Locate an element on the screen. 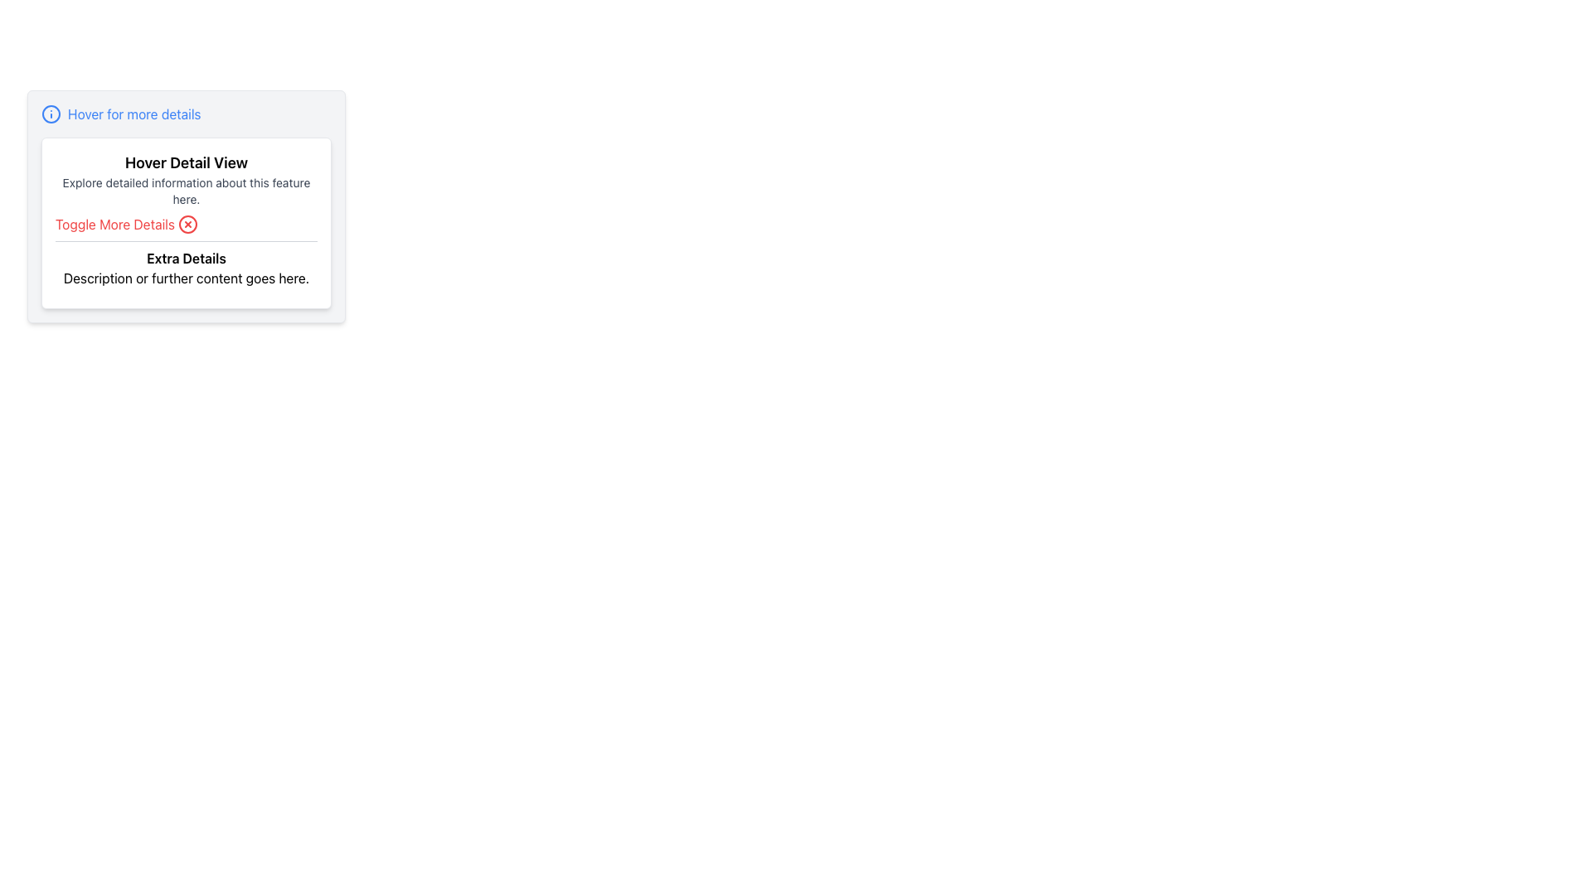  the text block reading 'Explore detailed information about this feature here.', which is styled in grey and positioned below the title 'Hover Detail View' is located at coordinates (187, 191).